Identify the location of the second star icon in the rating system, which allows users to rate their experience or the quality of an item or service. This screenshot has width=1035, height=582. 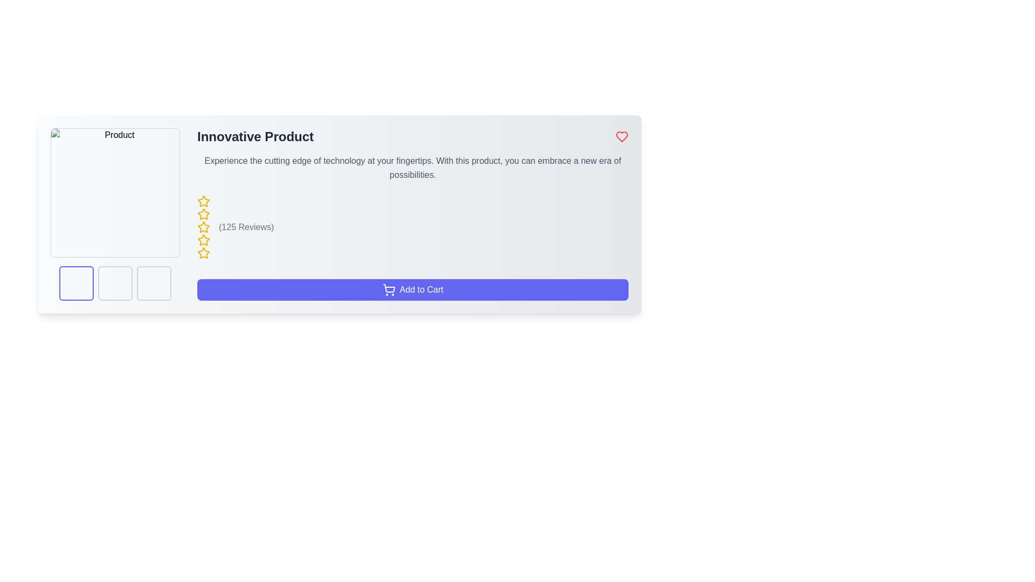
(204, 226).